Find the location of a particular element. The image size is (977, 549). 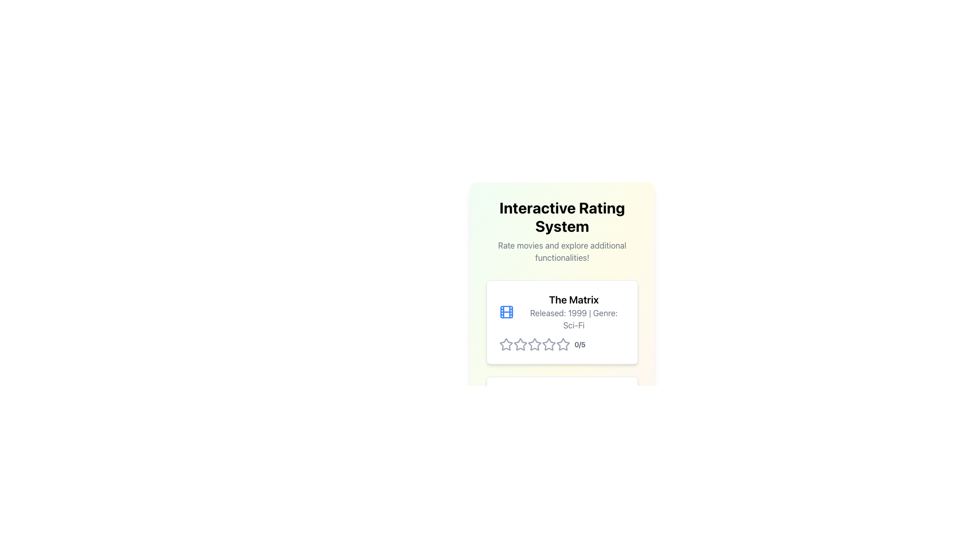

the fourth star in the horizontal five-star rating system under the movie title 'The Matrix' to assign a rating is located at coordinates (534, 440).